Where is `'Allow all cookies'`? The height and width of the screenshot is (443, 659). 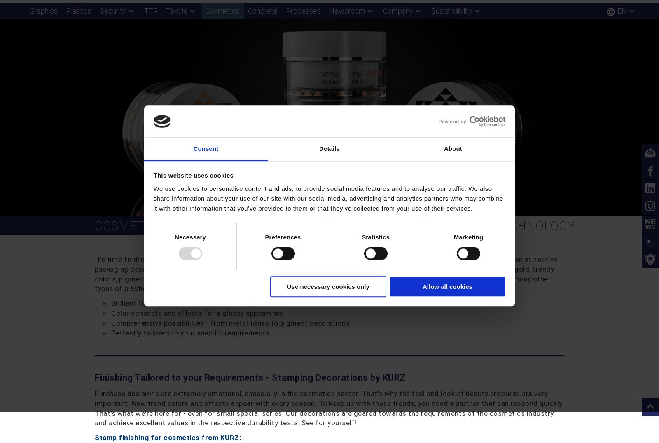
'Allow all cookies' is located at coordinates (422, 286).